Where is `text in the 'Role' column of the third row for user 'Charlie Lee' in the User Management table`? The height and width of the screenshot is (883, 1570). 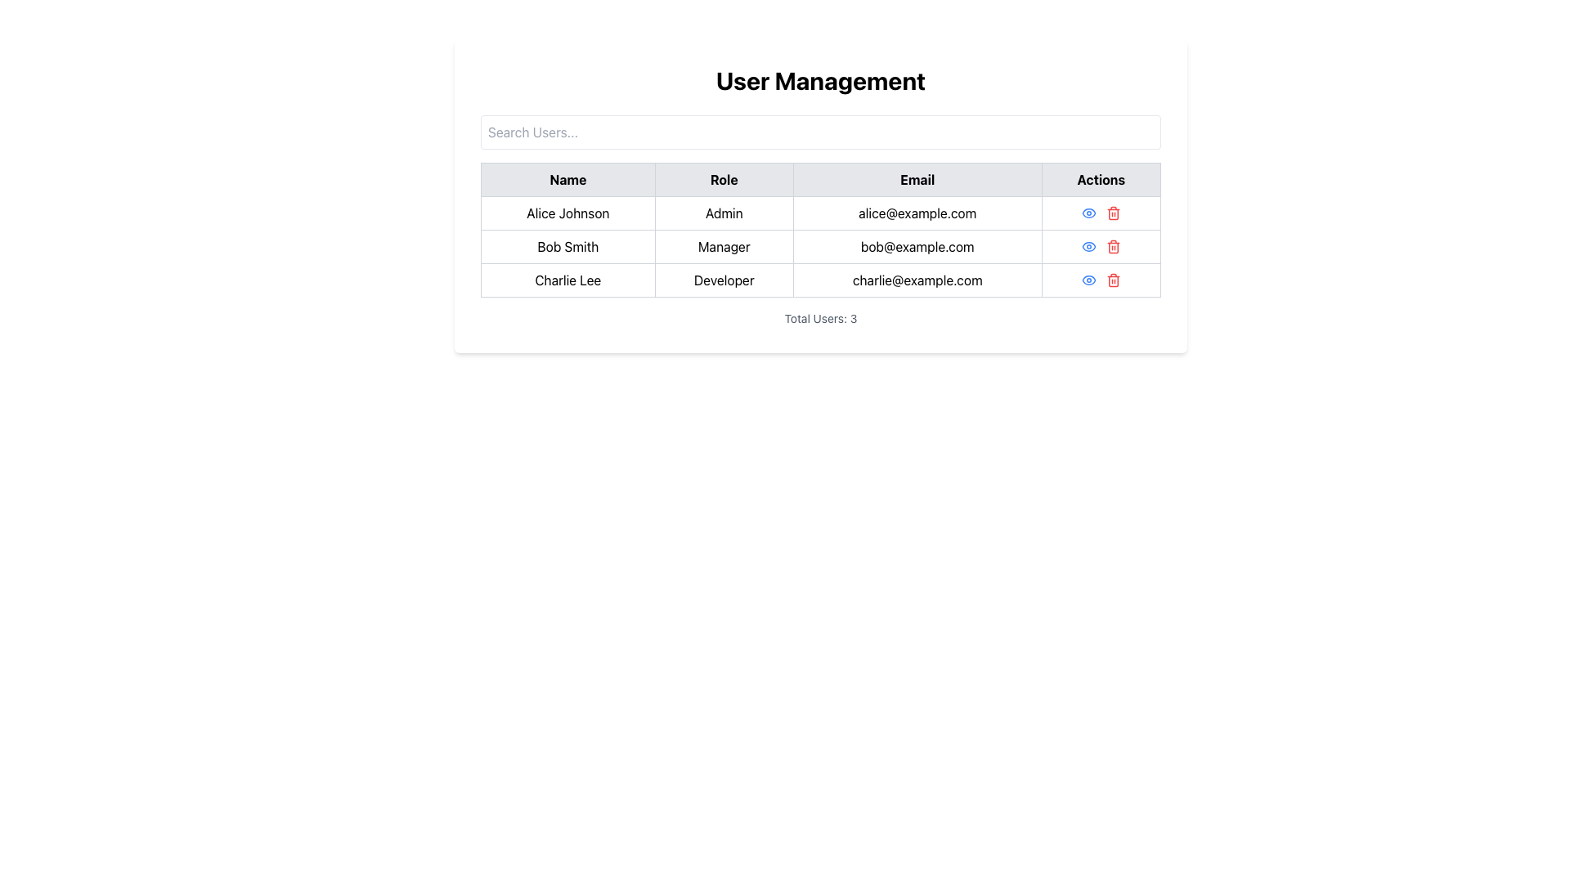 text in the 'Role' column of the third row for user 'Charlie Lee' in the User Management table is located at coordinates (723, 280).